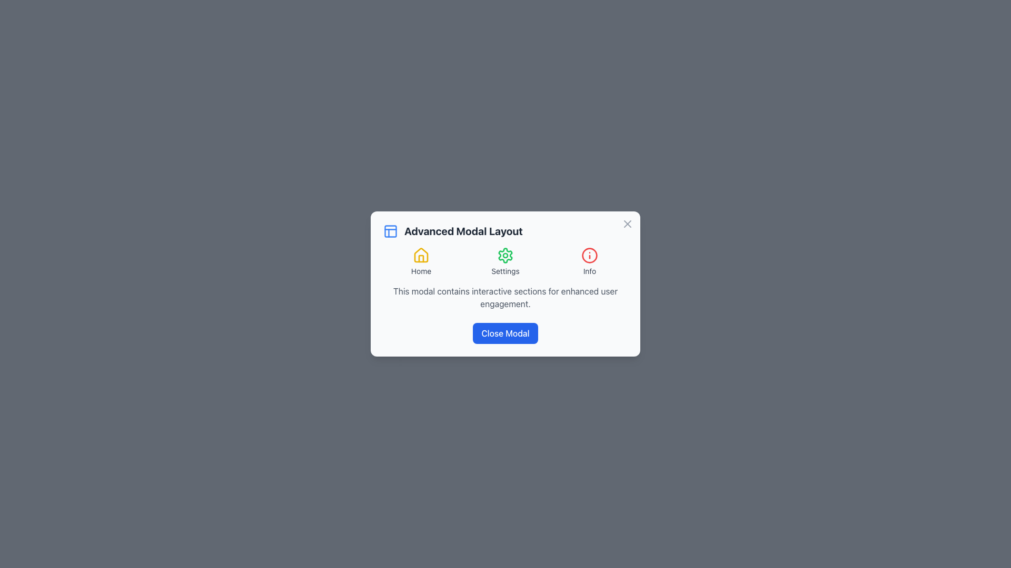 The width and height of the screenshot is (1011, 568). I want to click on the first subcomponent of the grouped icon representation, which is a square with rounded corners, located near the top-left corner of the modal before the label 'Advanced Modal Layout.', so click(390, 230).